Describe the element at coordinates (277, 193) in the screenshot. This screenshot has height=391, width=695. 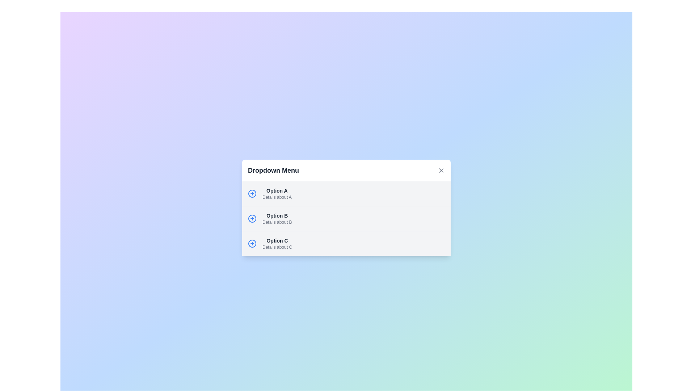
I see `the first selectable option in the dropdown list` at that location.